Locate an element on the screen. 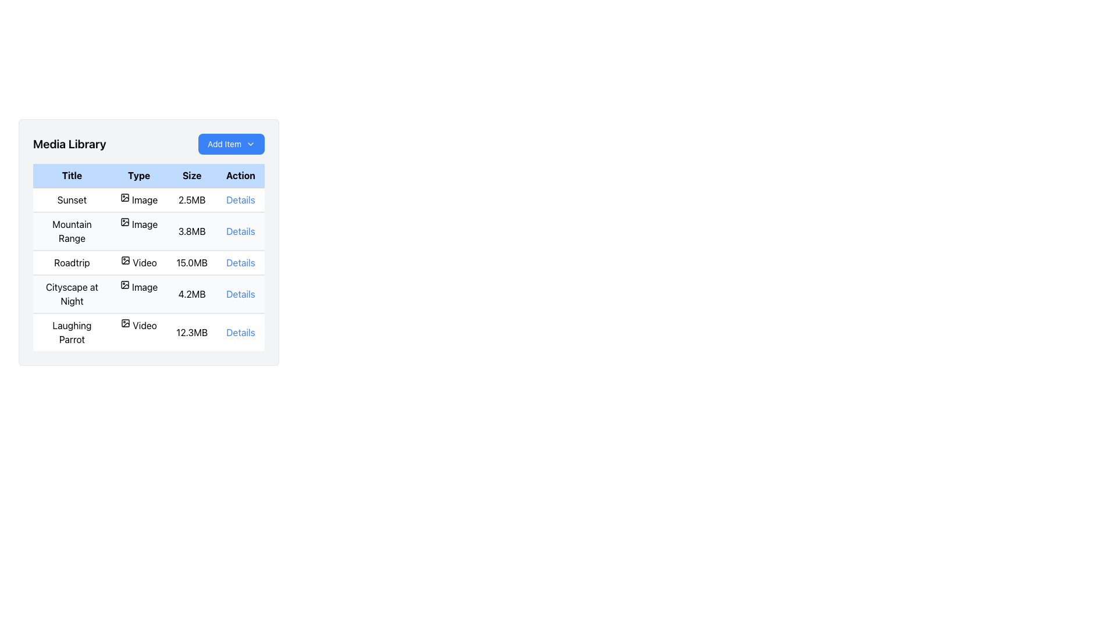 This screenshot has width=1117, height=628. the Static Label with Icon displaying 'Video' in the fifth row of the table, which is located between 'Laughing Parrot' and '12.3MB' is located at coordinates (139, 325).